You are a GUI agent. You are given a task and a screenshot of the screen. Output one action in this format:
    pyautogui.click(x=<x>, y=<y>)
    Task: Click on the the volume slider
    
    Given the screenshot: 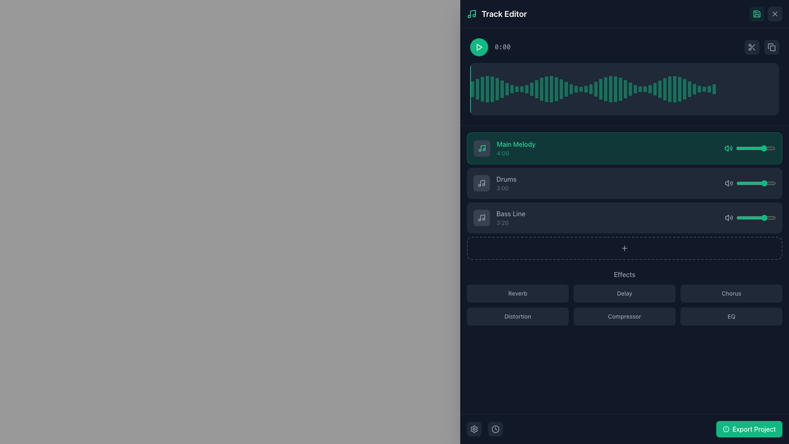 What is the action you would take?
    pyautogui.click(x=746, y=217)
    